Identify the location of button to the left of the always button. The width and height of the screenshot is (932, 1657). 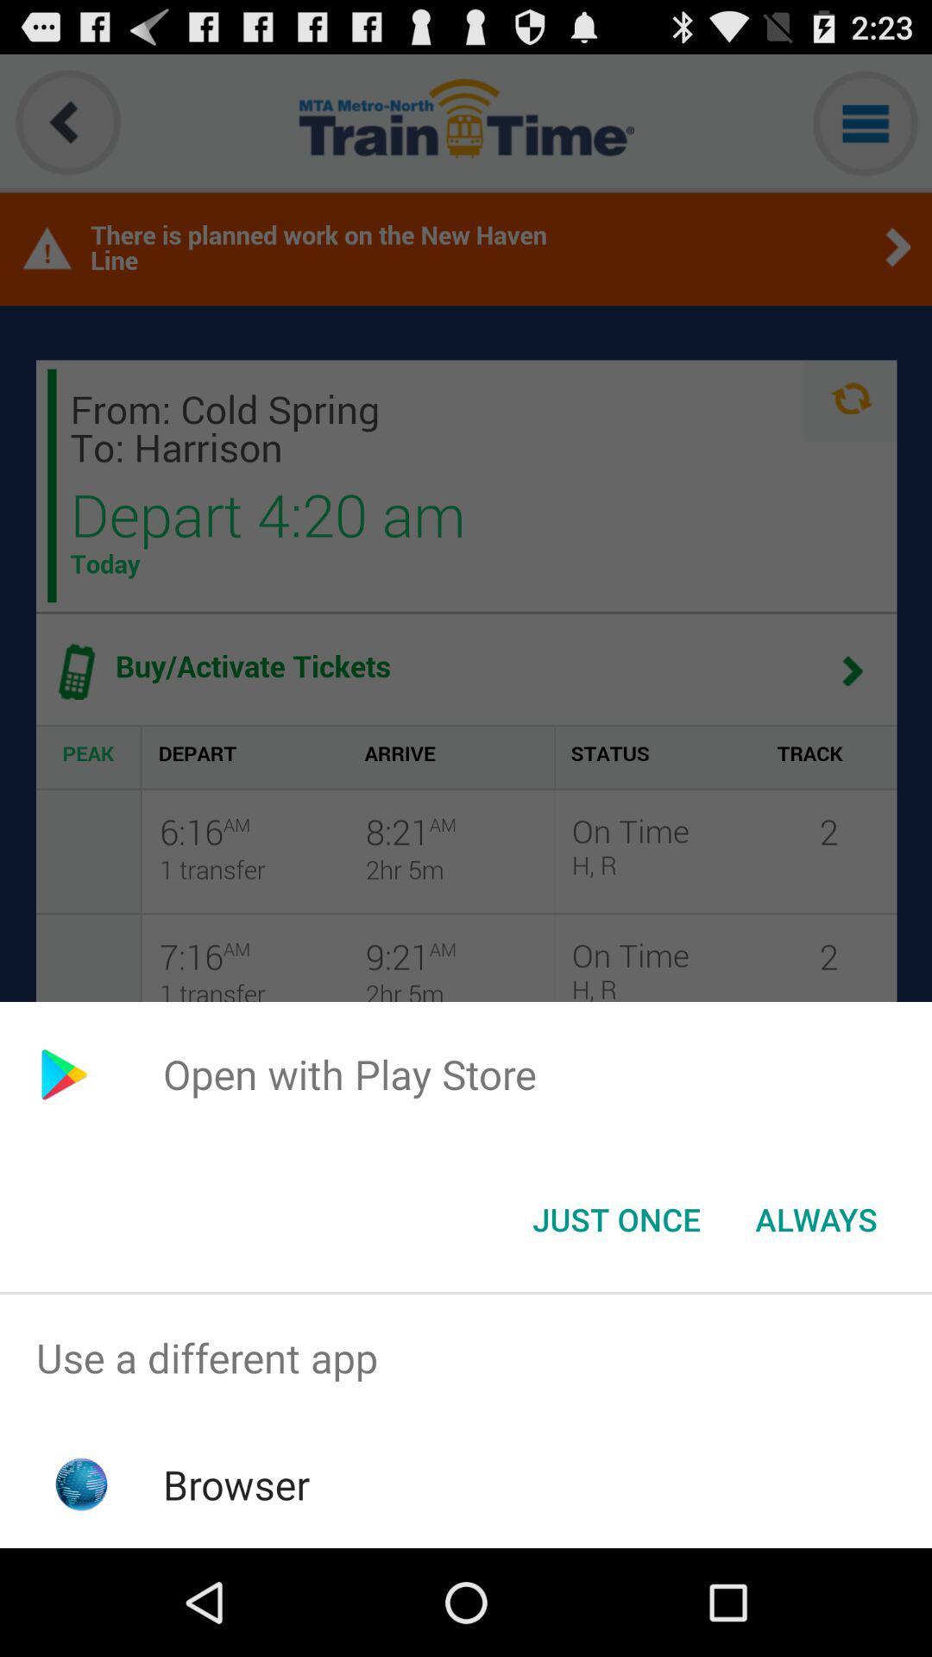
(615, 1218).